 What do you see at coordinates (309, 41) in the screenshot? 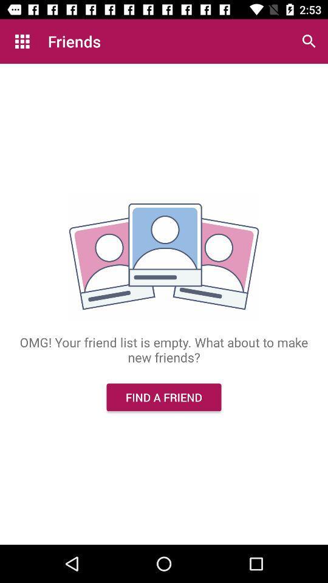
I see `icon to the right of the friends app` at bounding box center [309, 41].